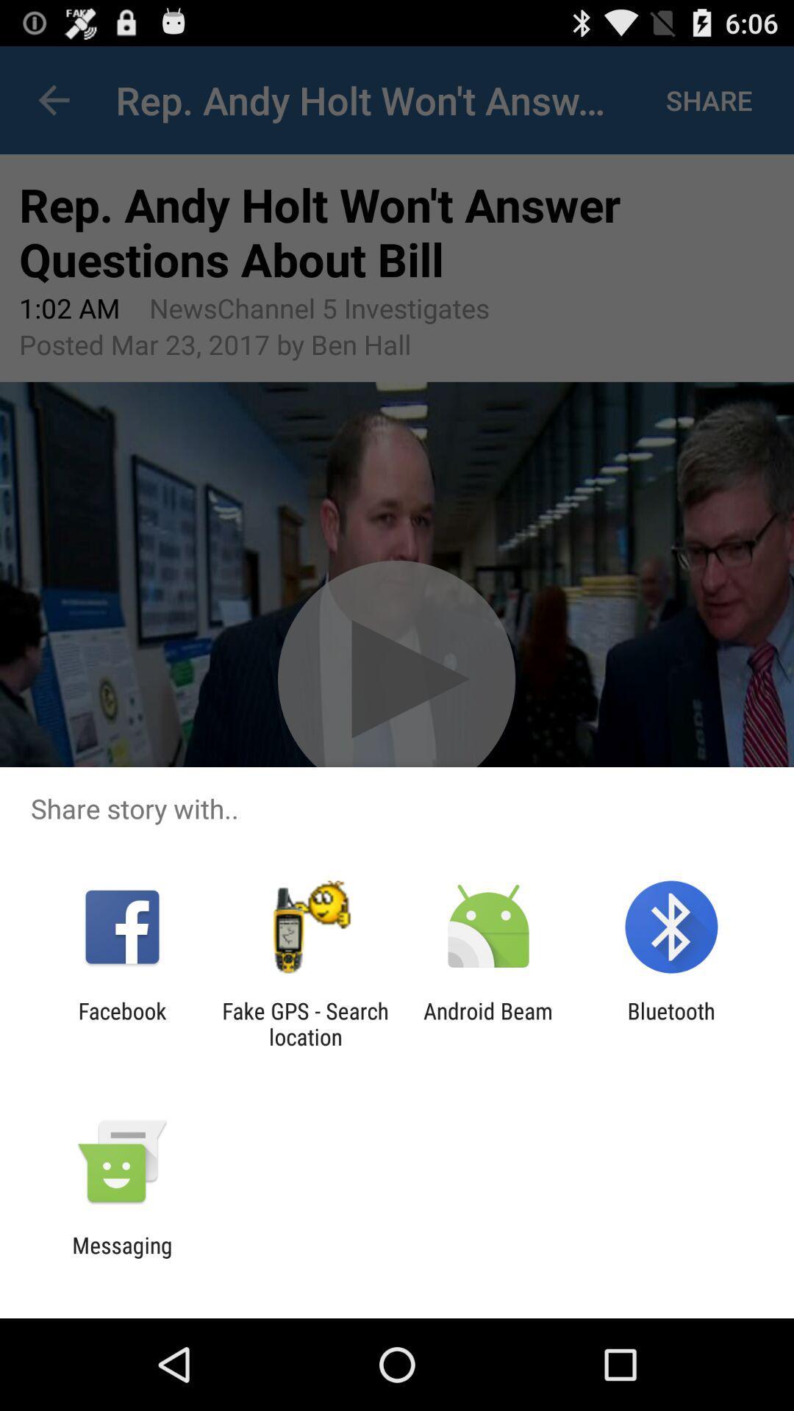 This screenshot has height=1411, width=794. Describe the element at coordinates (121, 1257) in the screenshot. I see `the messaging icon` at that location.